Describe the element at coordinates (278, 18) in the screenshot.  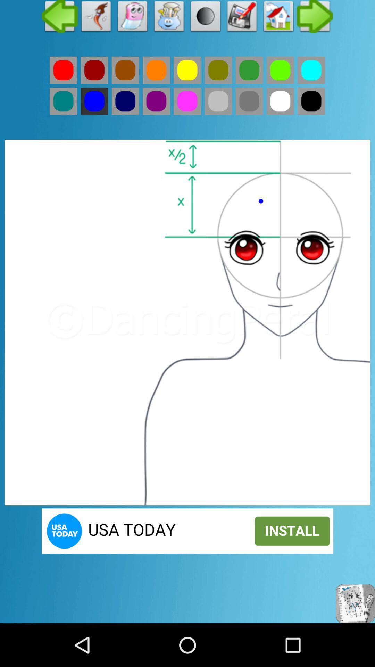
I see `return home` at that location.